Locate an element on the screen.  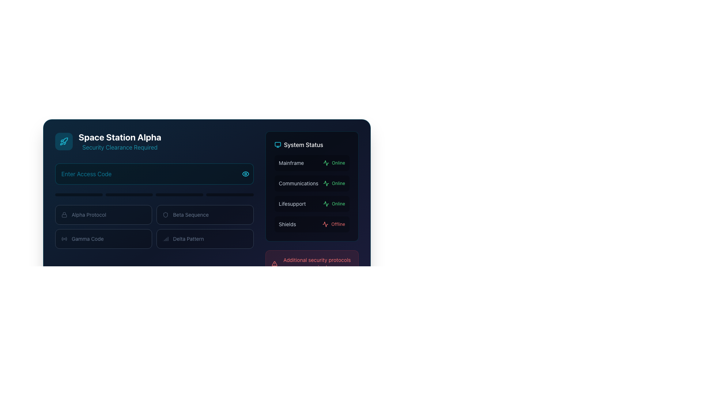
the text label reading 'lifesupport' in the 'System Status' section of the UI, which is styled in slate-gray against a dark background is located at coordinates (292, 204).